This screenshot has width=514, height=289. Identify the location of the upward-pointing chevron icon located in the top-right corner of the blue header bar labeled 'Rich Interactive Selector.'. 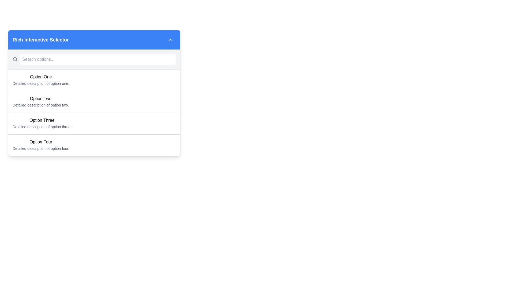
(170, 40).